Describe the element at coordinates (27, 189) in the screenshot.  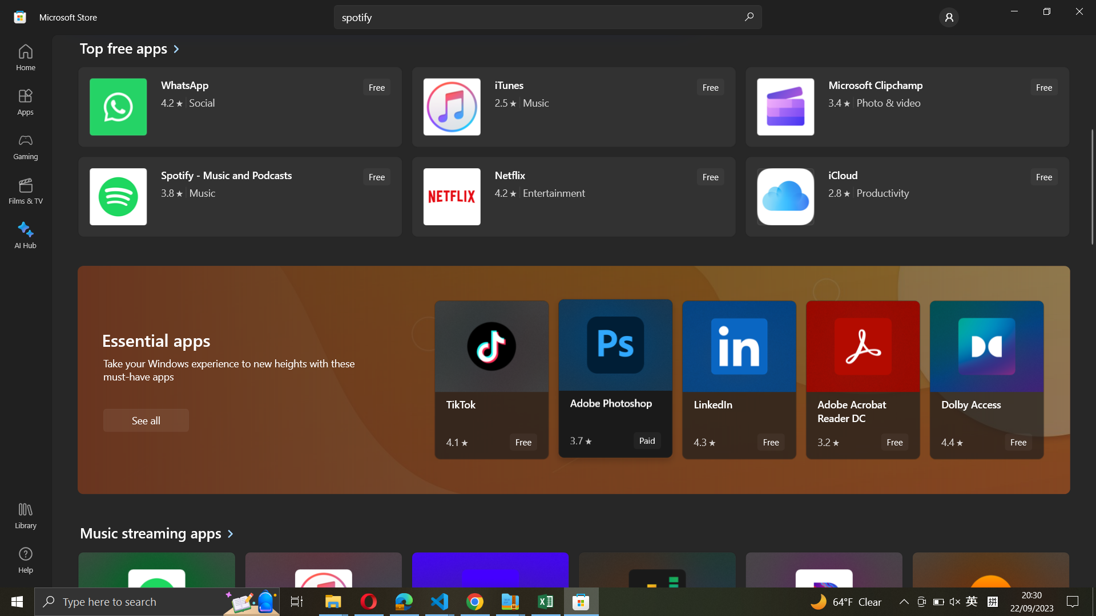
I see `Films & TV` at that location.